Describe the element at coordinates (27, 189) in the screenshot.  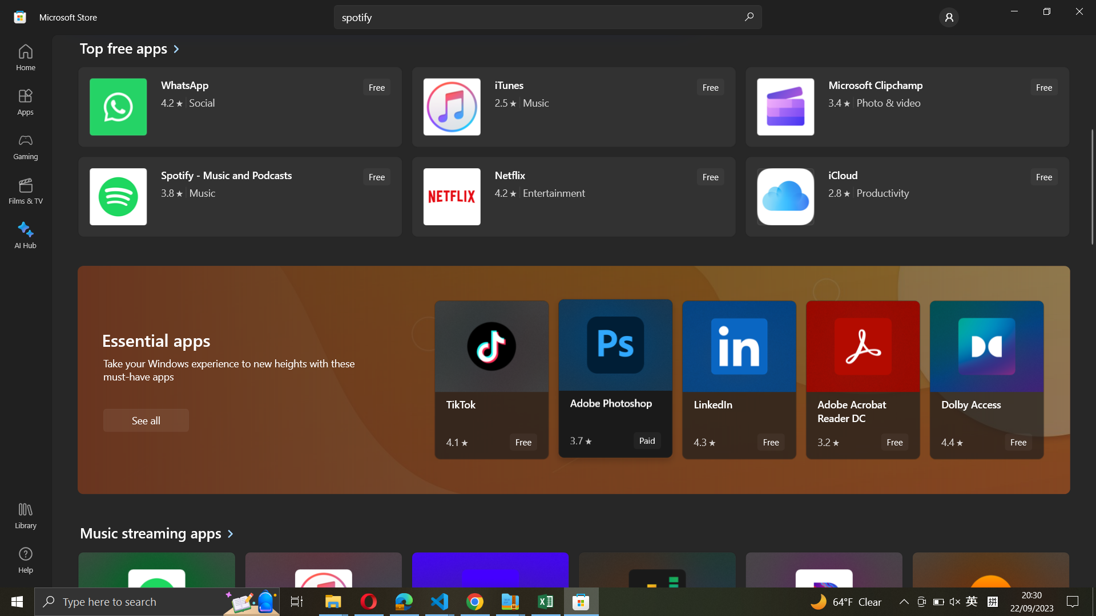
I see `Films & TV` at that location.